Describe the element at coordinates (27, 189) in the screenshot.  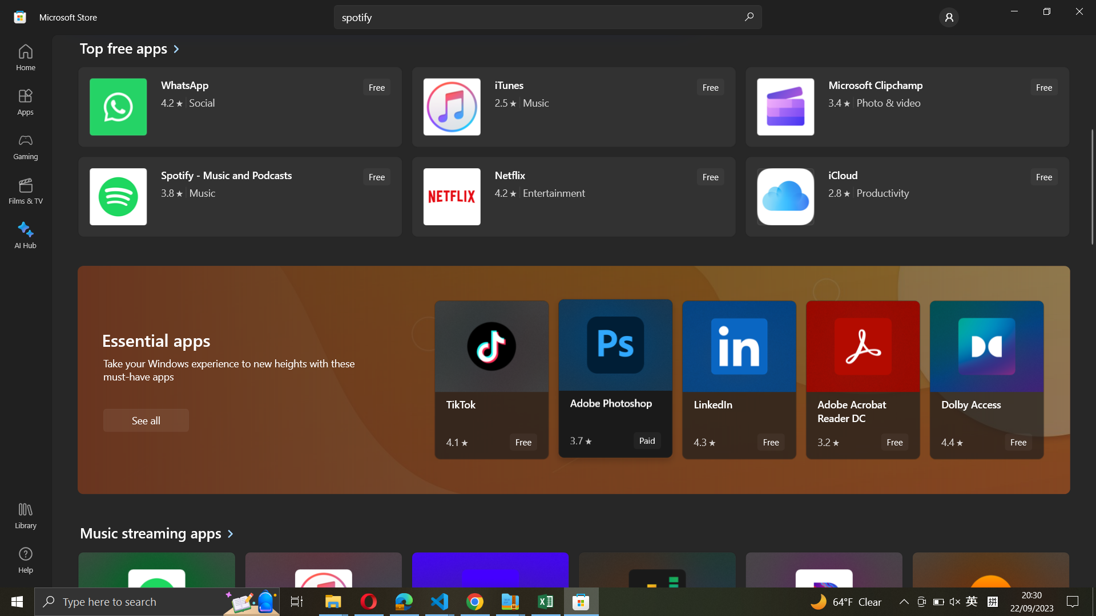
I see `Films & TV` at that location.